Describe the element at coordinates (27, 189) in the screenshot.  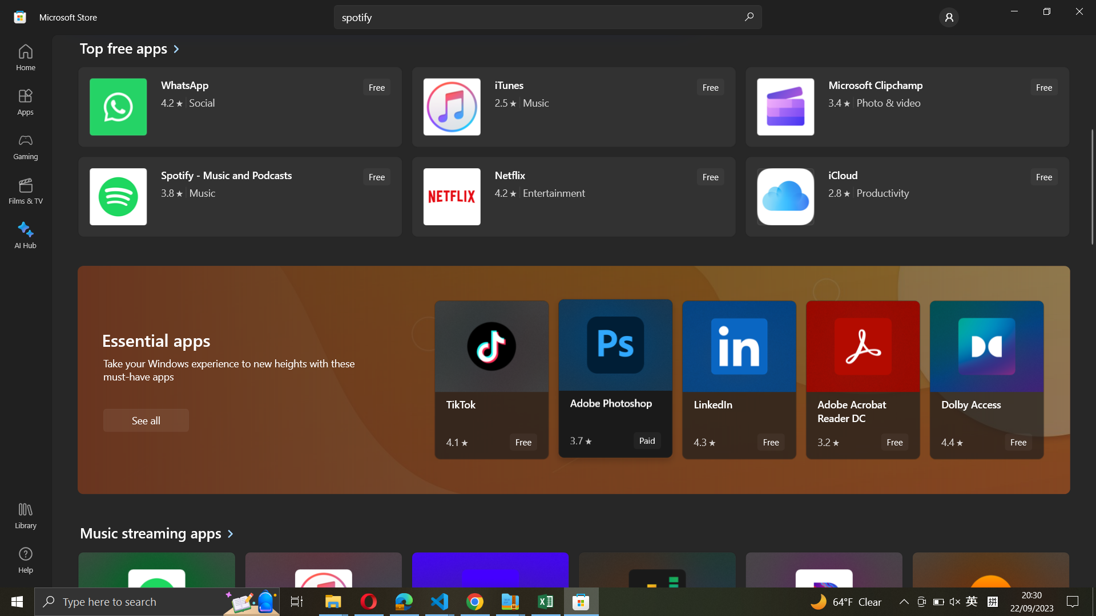
I see `Films & TV` at that location.